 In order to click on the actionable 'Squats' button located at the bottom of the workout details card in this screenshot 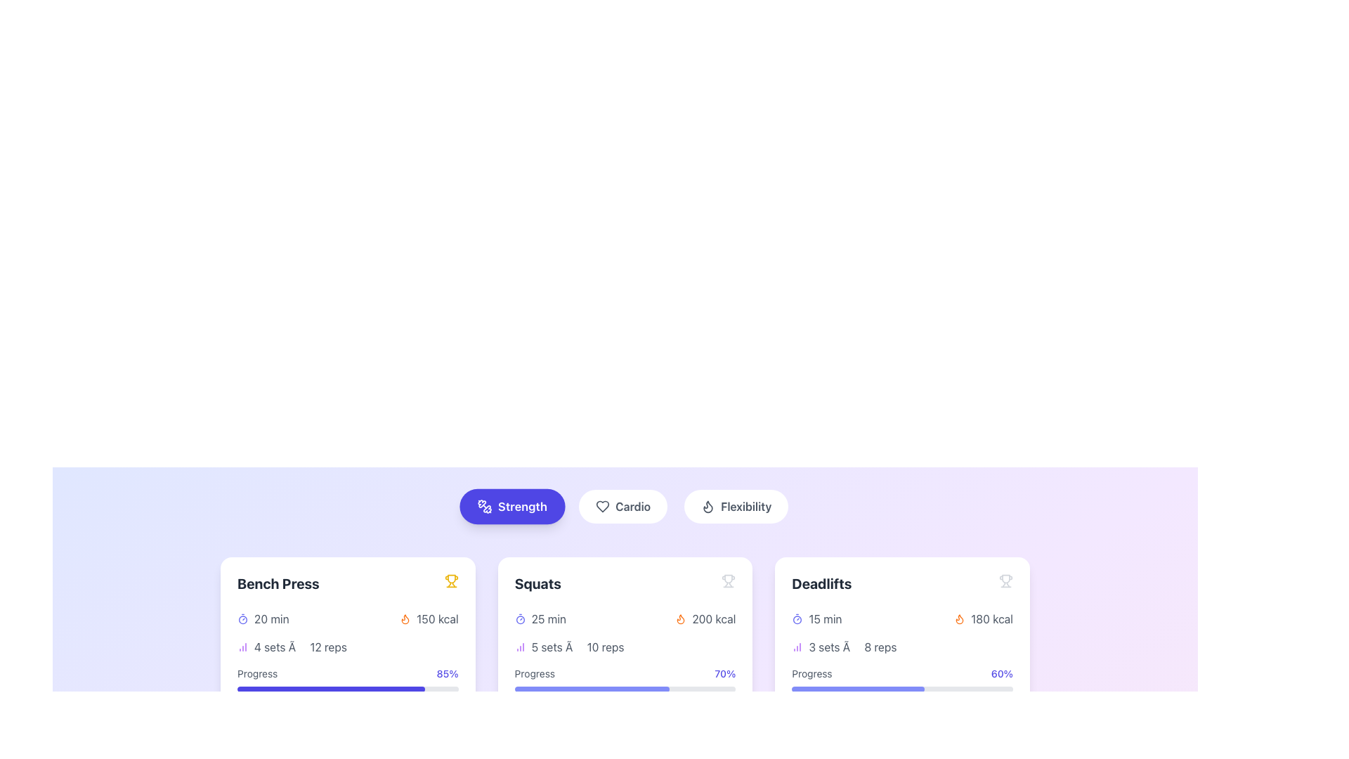, I will do `click(624, 718)`.